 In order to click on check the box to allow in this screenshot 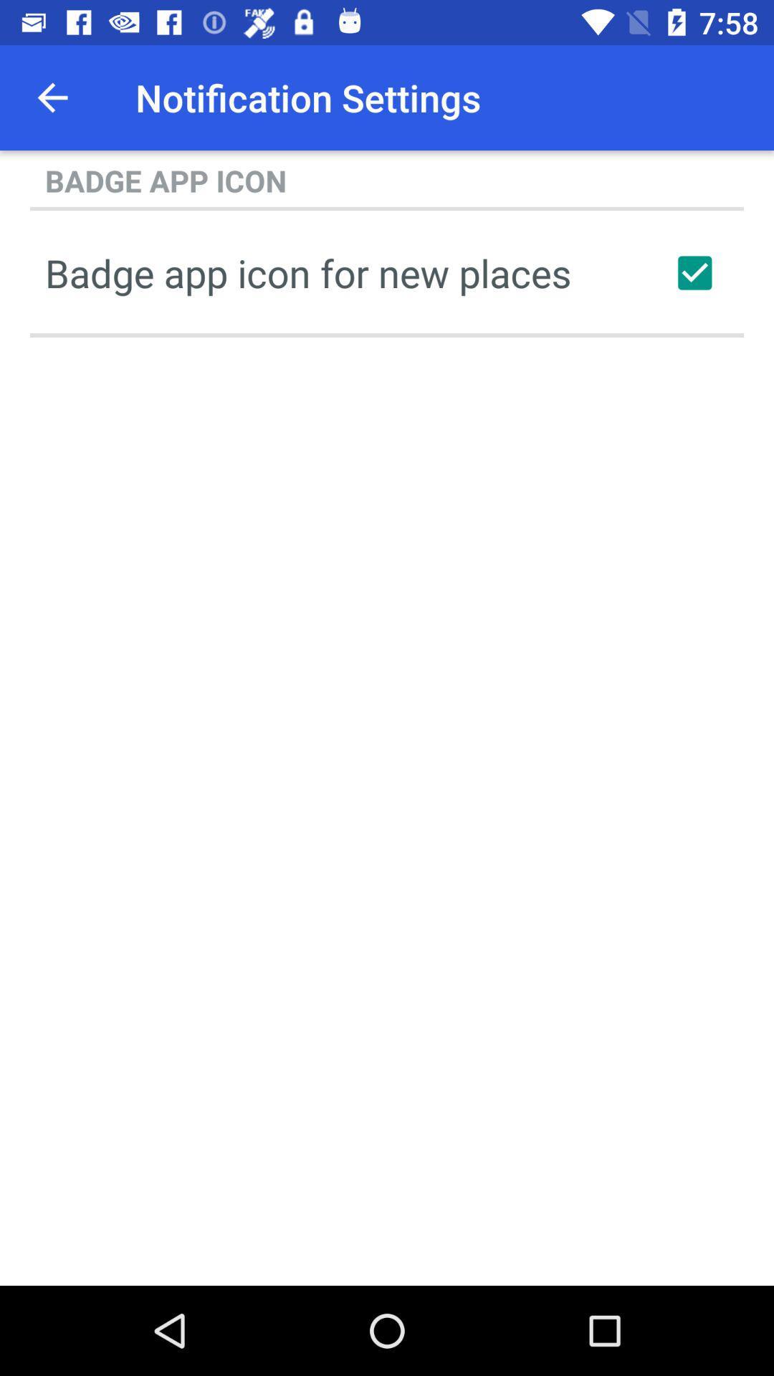, I will do `click(694, 272)`.